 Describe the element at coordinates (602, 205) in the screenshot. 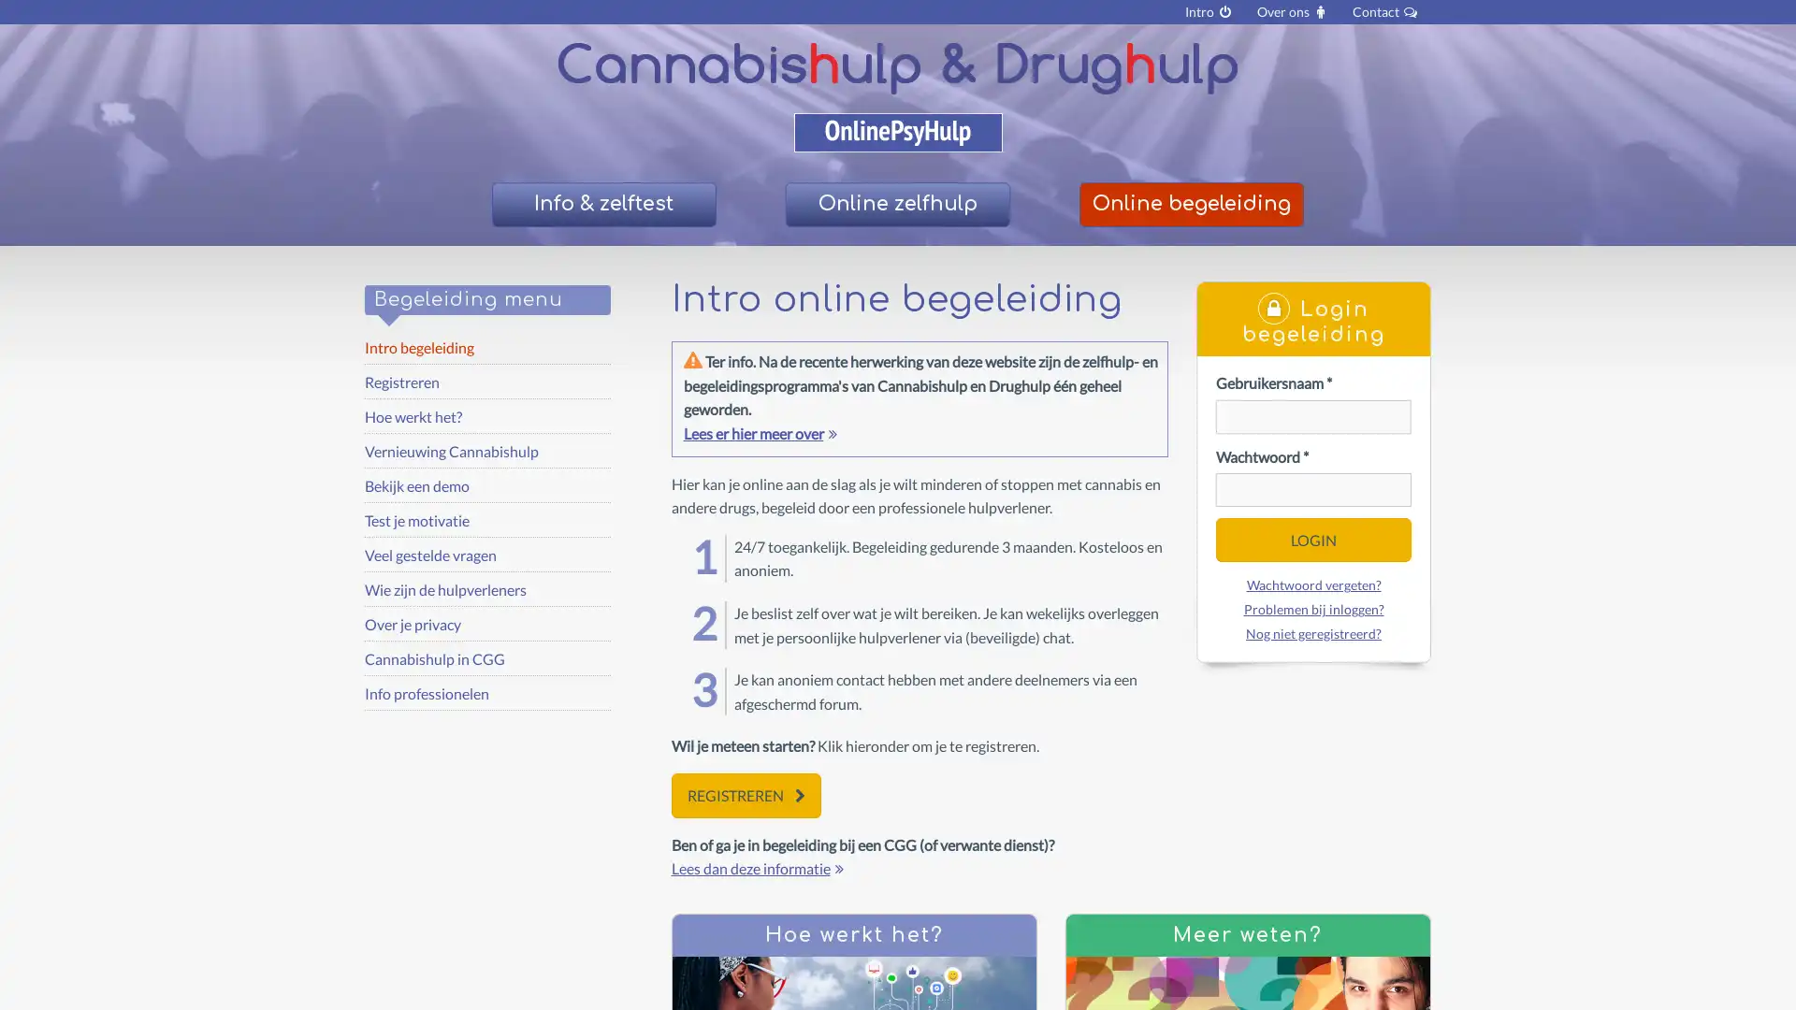

I see `Info & zelftest` at that location.